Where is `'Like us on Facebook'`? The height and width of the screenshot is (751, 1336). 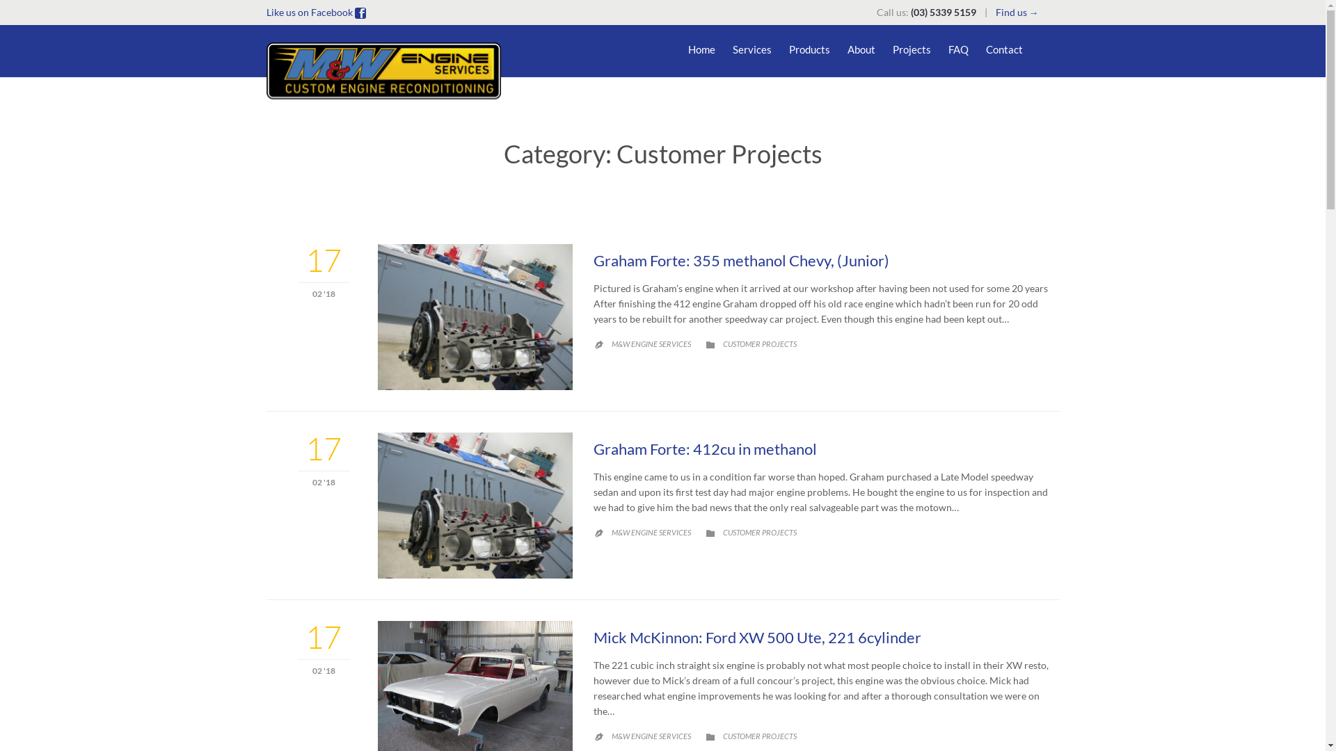
'Like us on Facebook' is located at coordinates (266, 12).